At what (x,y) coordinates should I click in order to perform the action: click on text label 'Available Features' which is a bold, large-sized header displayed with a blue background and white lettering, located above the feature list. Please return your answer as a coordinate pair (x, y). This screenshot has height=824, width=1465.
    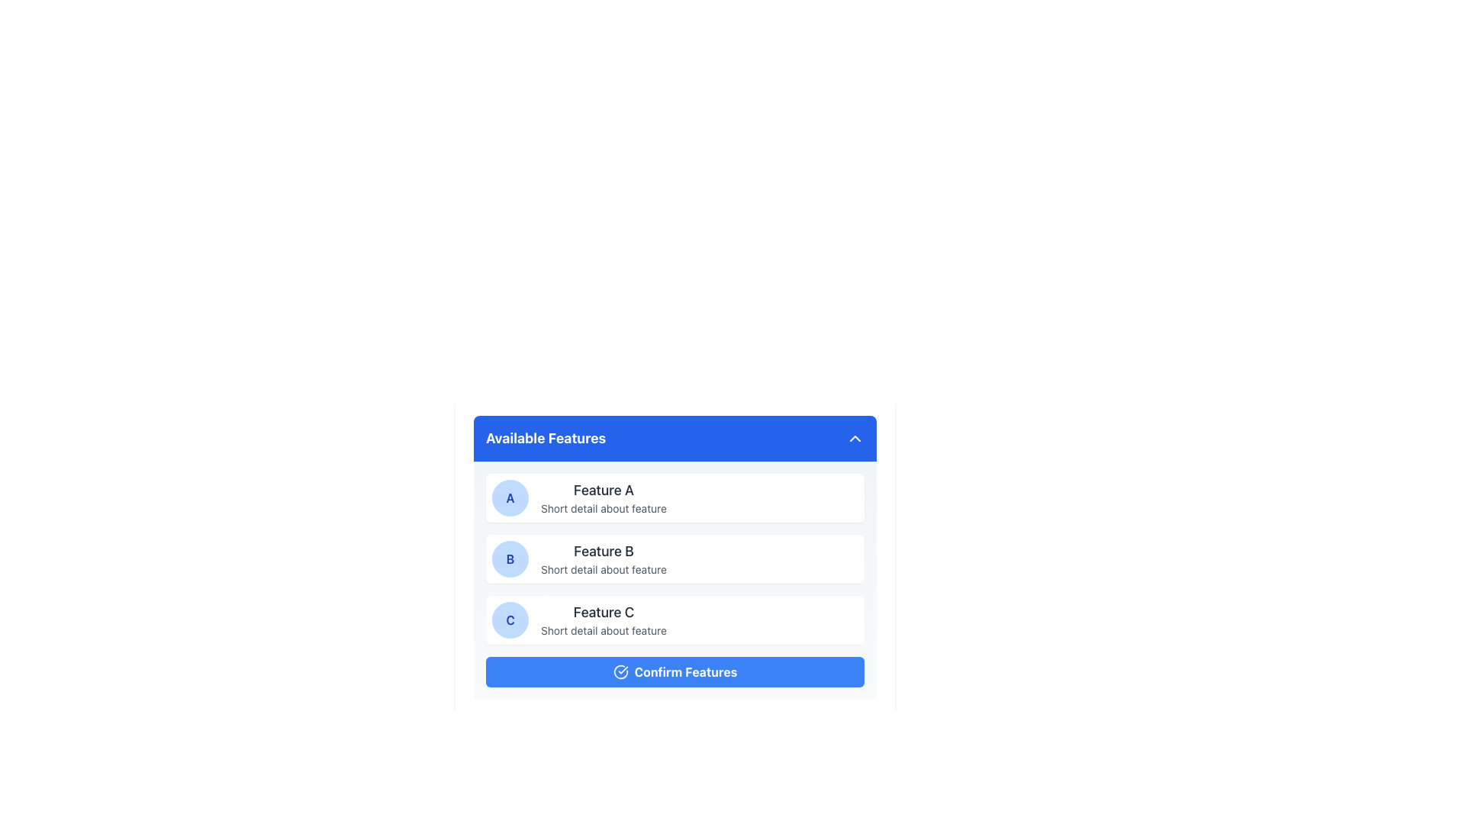
    Looking at the image, I should click on (546, 438).